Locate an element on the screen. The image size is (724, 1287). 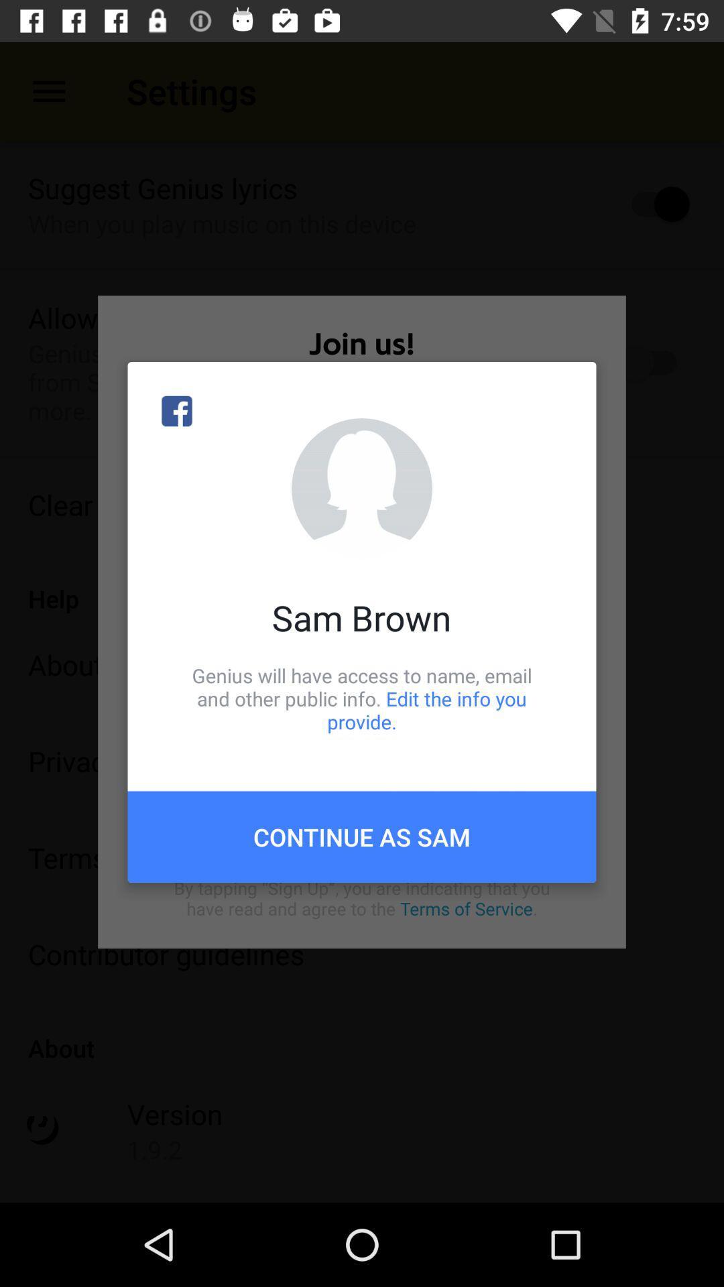
continue as sam icon is located at coordinates (362, 836).